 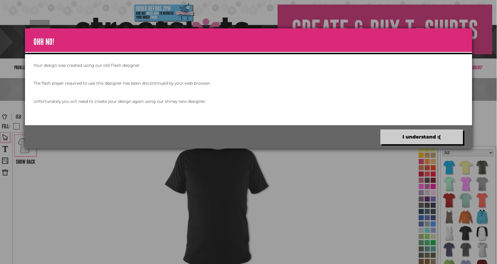 I want to click on 'On time', so click(x=121, y=37).